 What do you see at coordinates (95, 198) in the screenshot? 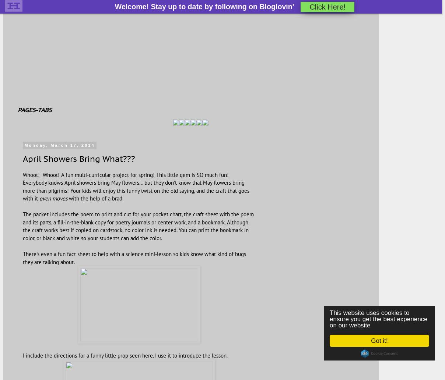
I see `'with the help of a brad.'` at bounding box center [95, 198].